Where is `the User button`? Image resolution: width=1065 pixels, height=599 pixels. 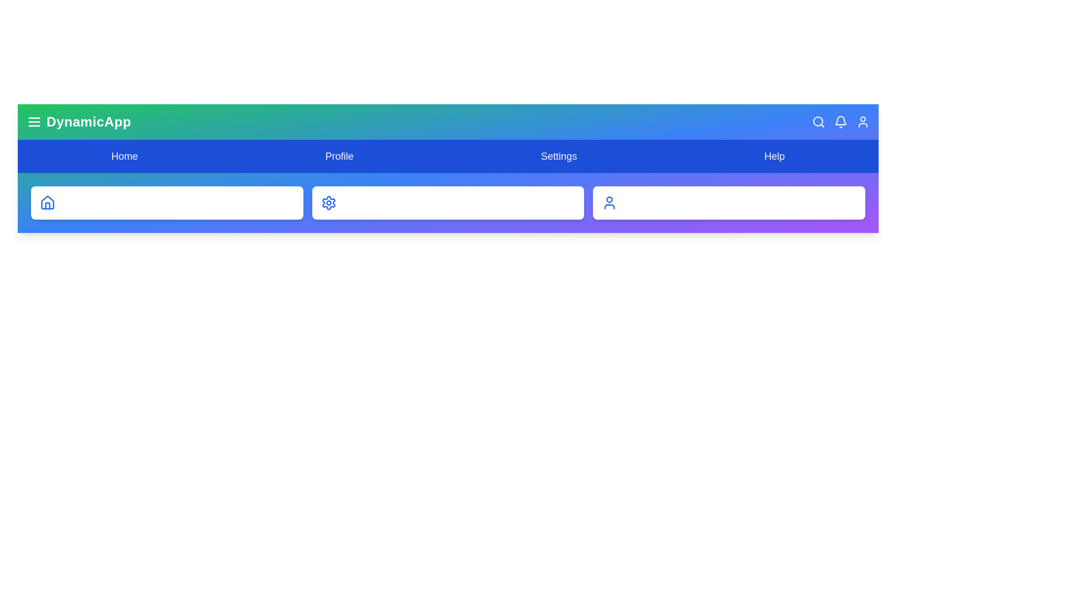
the User button is located at coordinates (862, 121).